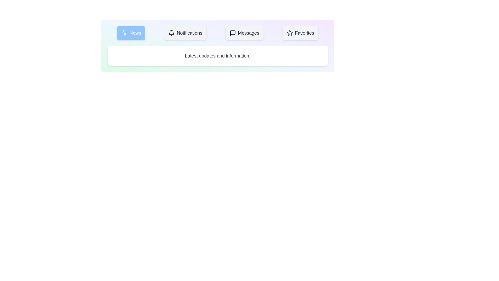  I want to click on the tab with the label Favorites, so click(300, 33).